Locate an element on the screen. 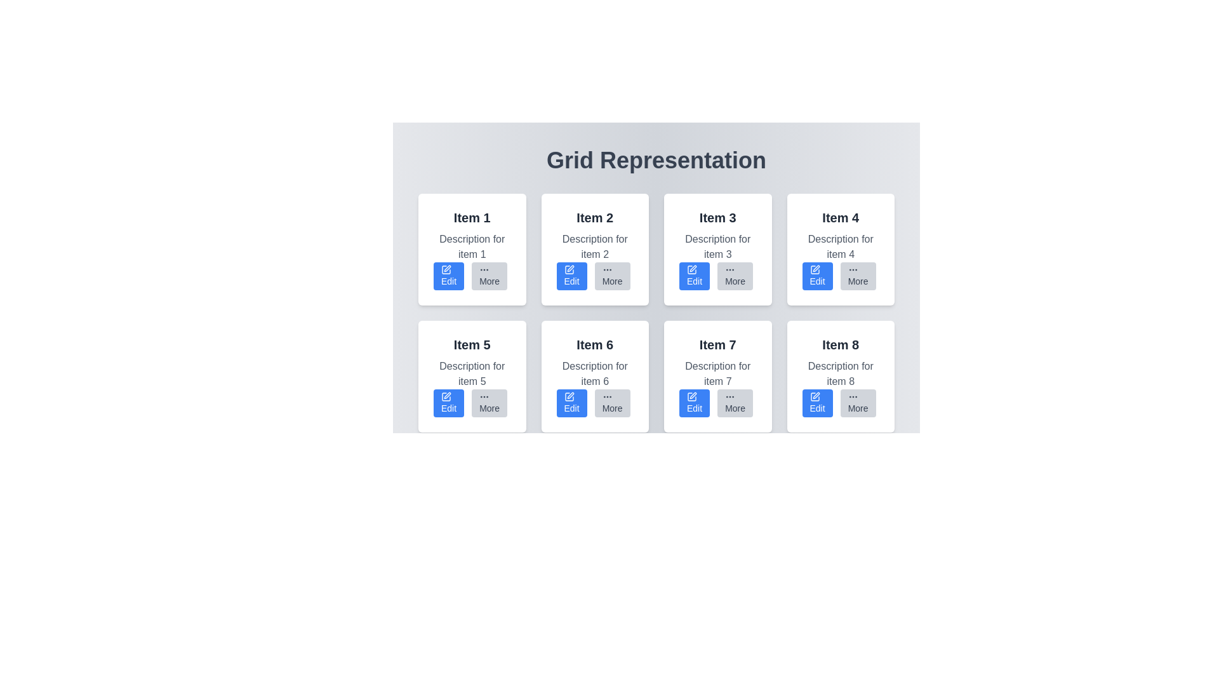  bold heading text 'Item 4' located at the top of the fourth card in the grid layout is located at coordinates (841, 217).